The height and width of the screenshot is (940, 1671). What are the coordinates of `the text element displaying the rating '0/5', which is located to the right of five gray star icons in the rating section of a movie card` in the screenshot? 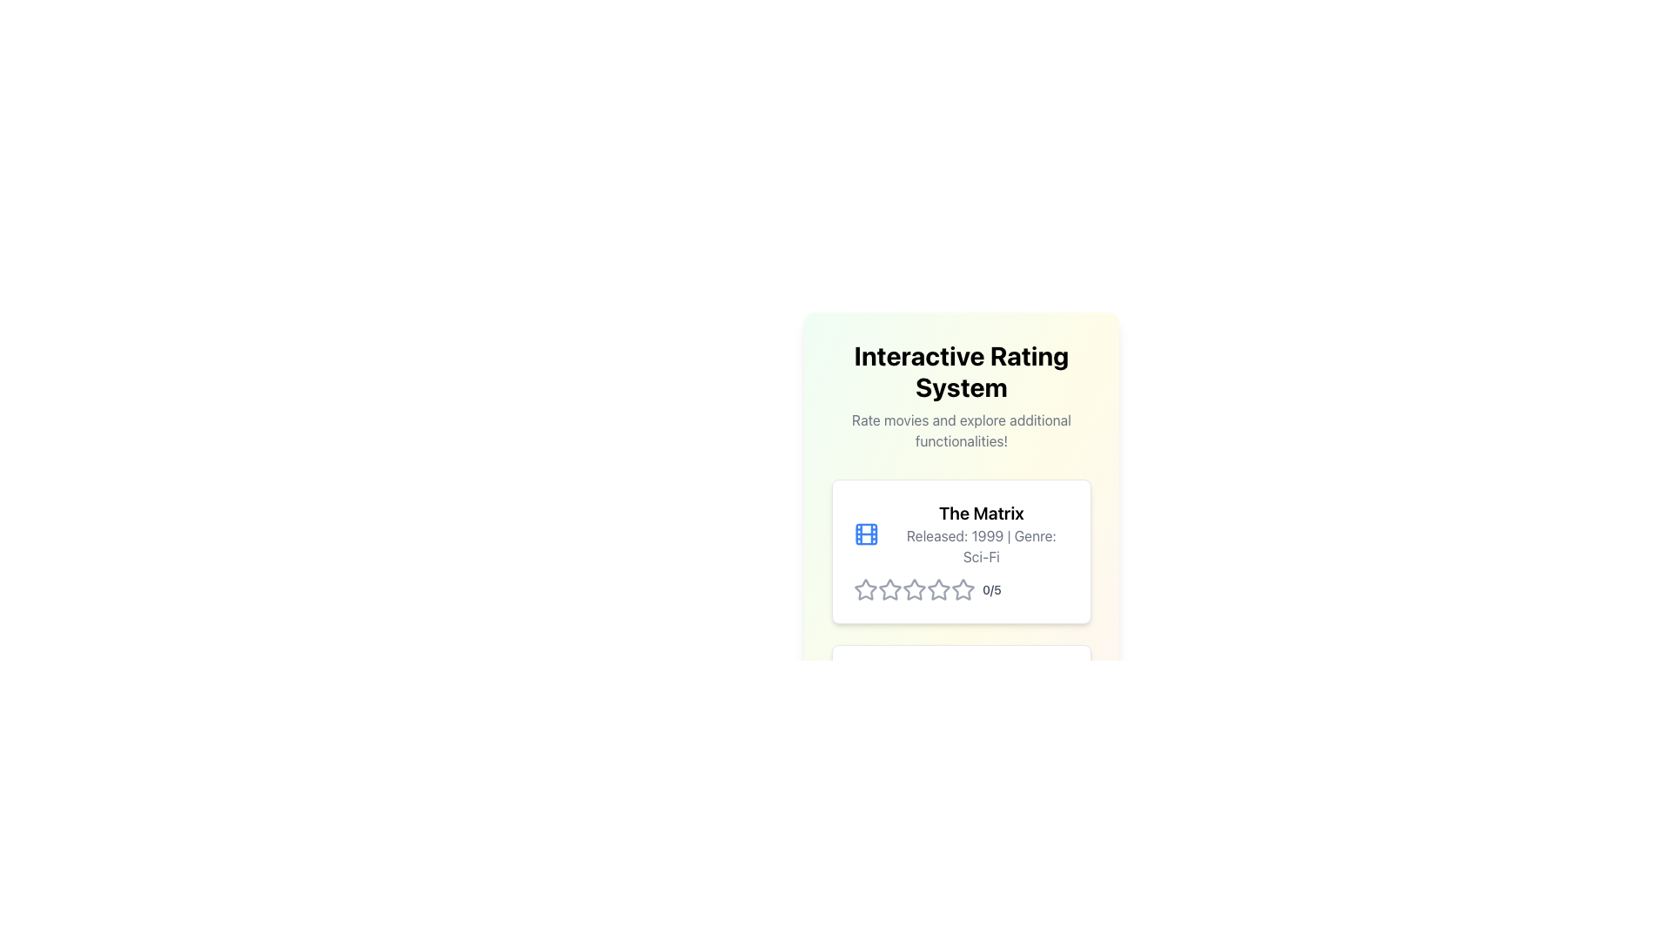 It's located at (991, 589).